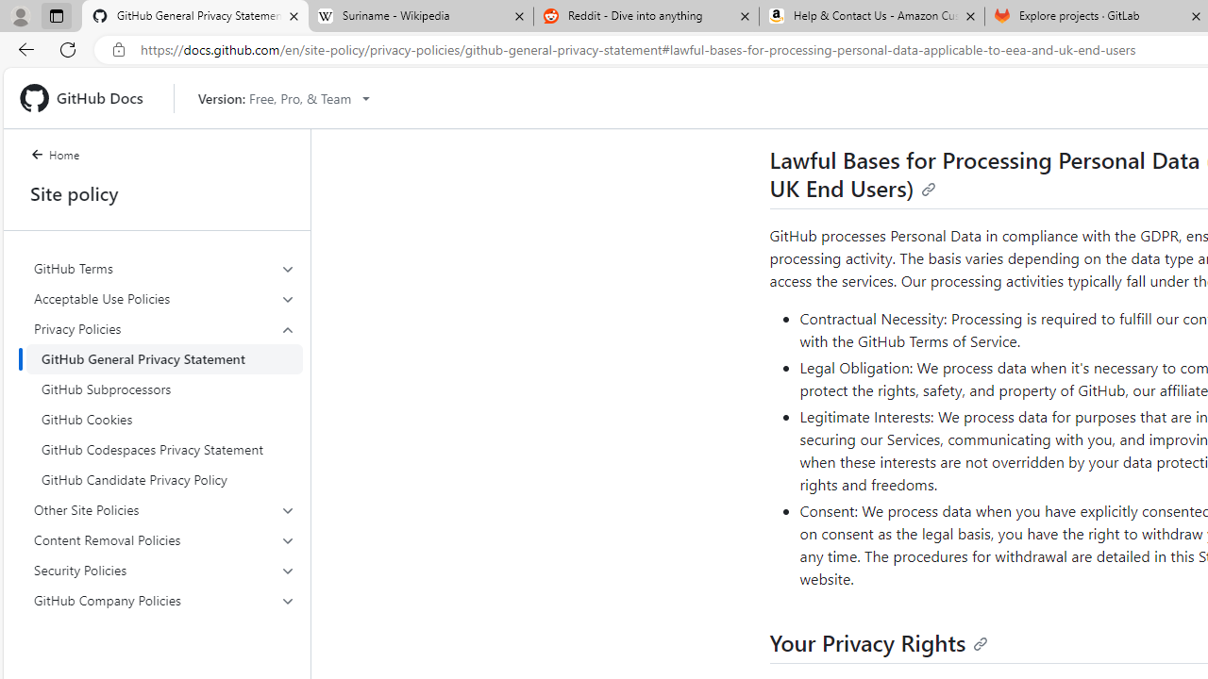 This screenshot has height=679, width=1208. Describe the element at coordinates (164, 297) in the screenshot. I see `'Acceptable Use Policies'` at that location.